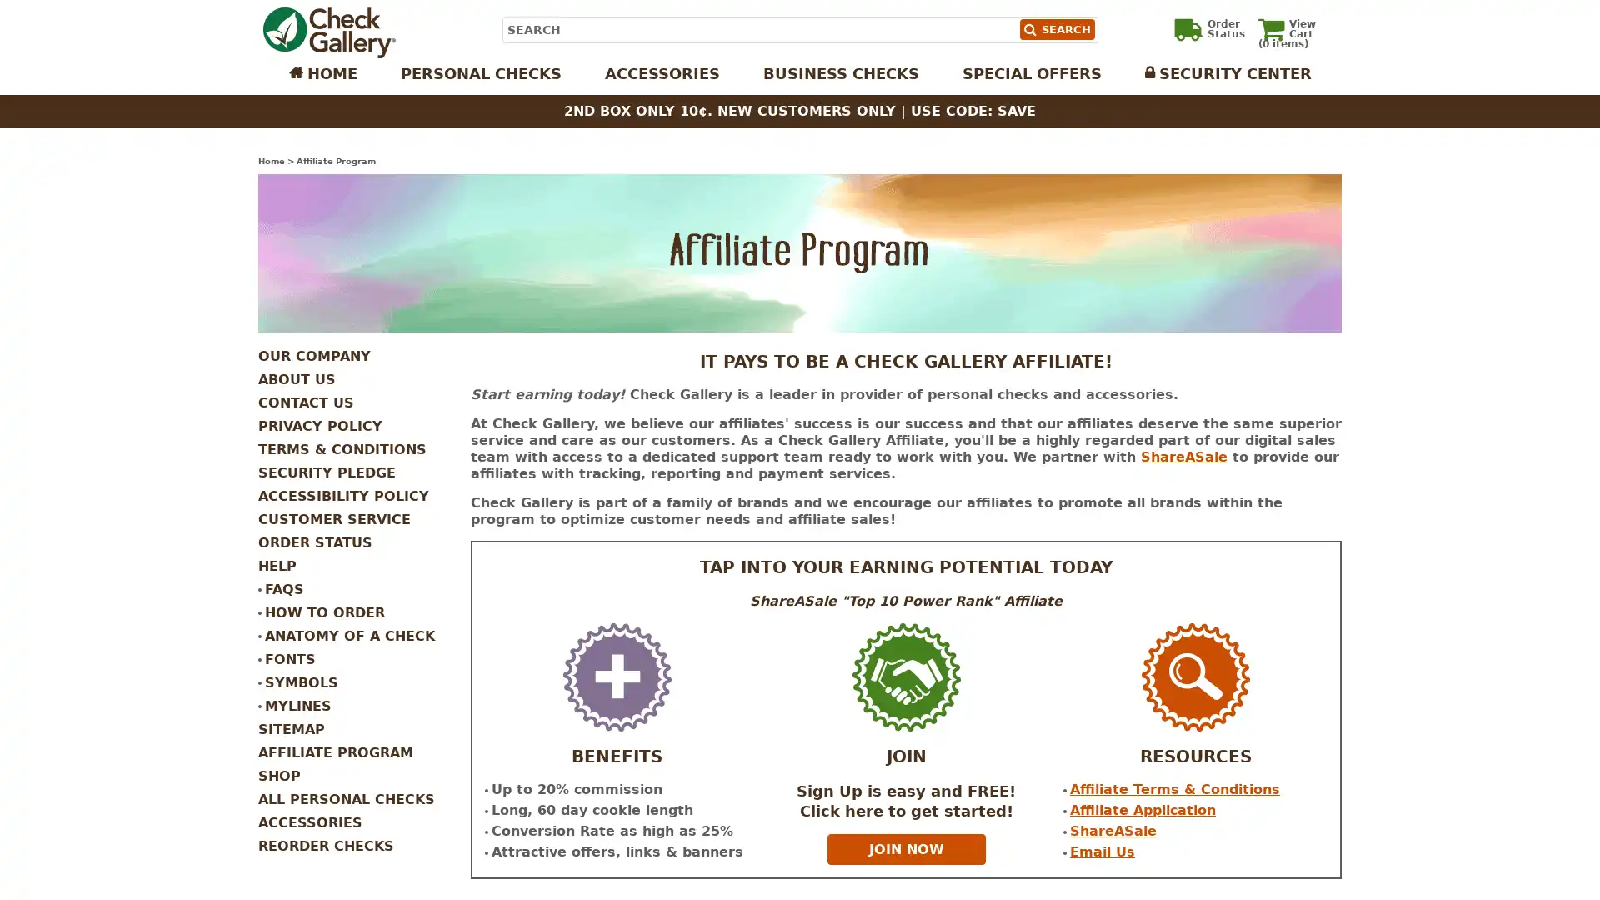  I want to click on SEARCH, so click(1055, 29).